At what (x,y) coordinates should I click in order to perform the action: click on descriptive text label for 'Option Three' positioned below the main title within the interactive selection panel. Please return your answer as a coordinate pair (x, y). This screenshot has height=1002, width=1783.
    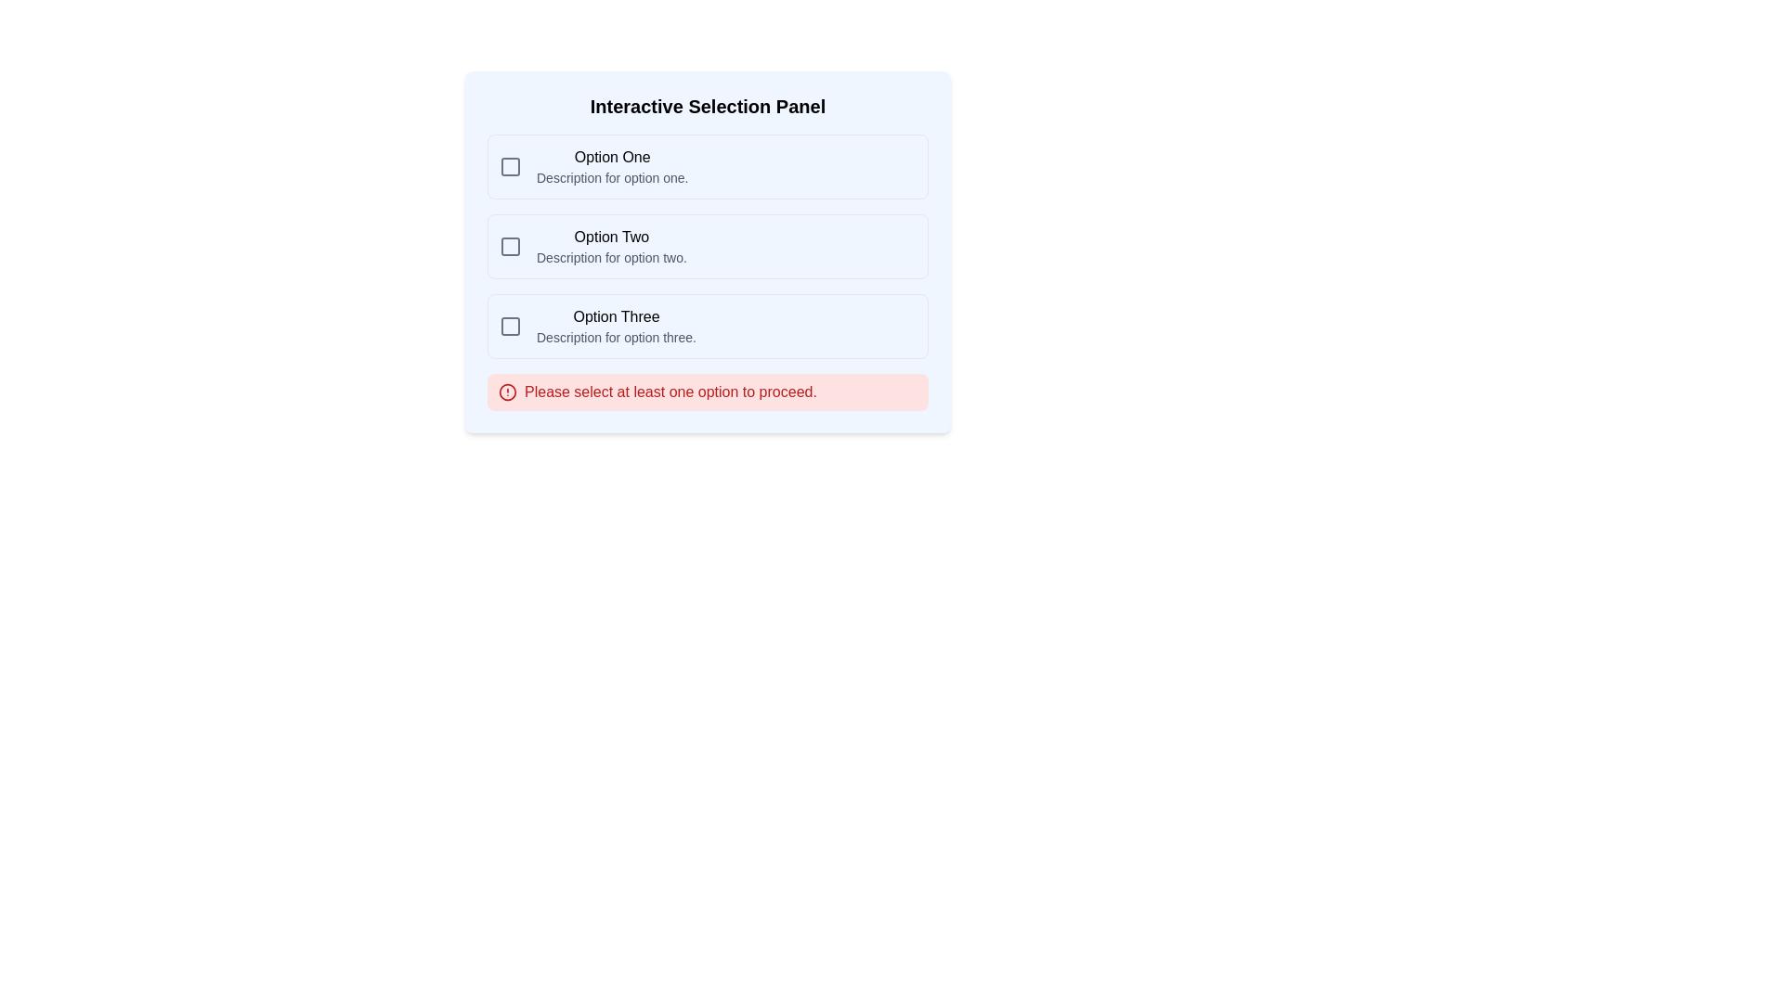
    Looking at the image, I should click on (616, 337).